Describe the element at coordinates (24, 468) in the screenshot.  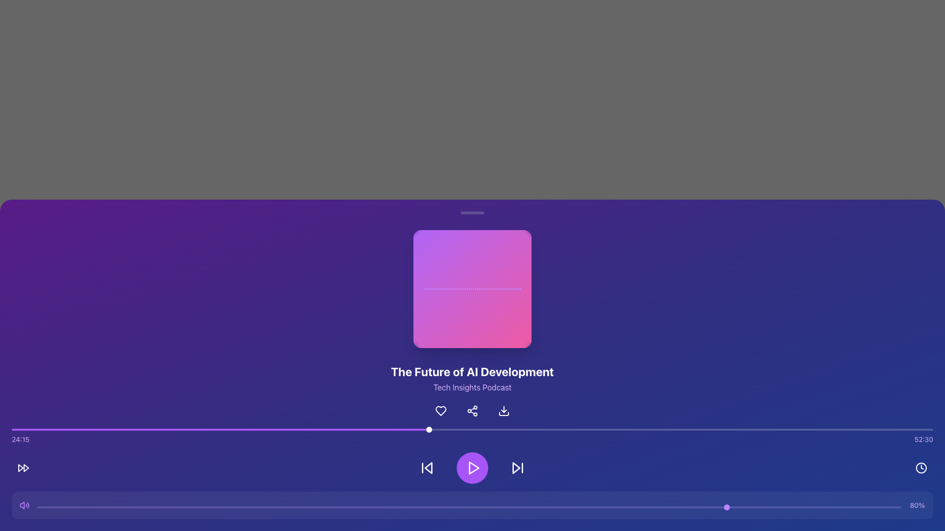
I see `the fast-forward icon, which is represented by a minimalistic double-arrow shape, located in the bottom section of the control interface, second to the right among sibling controls` at that location.